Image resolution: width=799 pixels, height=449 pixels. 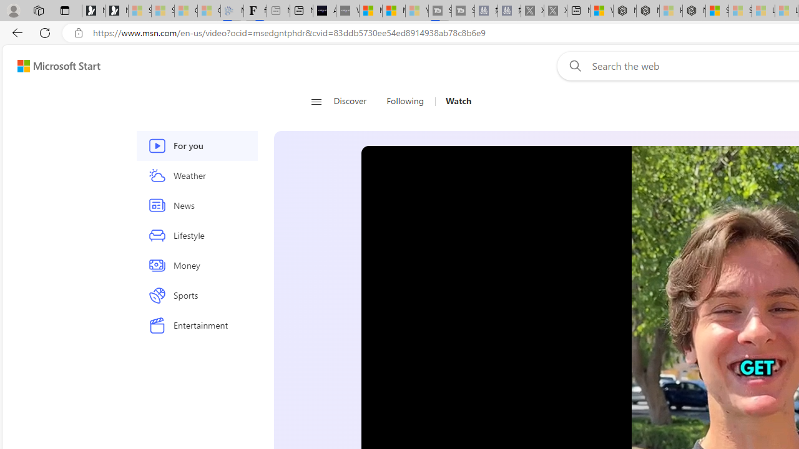 I want to click on 'Discover', so click(x=354, y=101).